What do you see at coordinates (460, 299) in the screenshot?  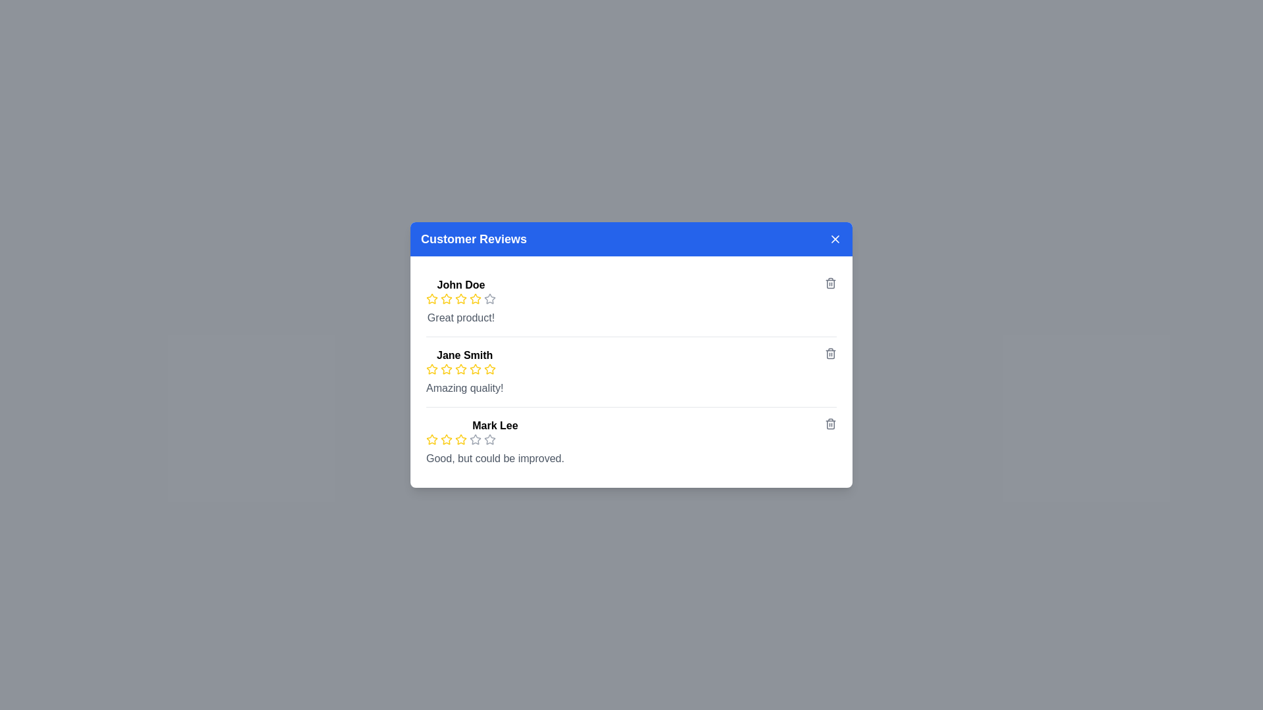 I see `the rating to 3 stars by clicking on the corresponding star` at bounding box center [460, 299].